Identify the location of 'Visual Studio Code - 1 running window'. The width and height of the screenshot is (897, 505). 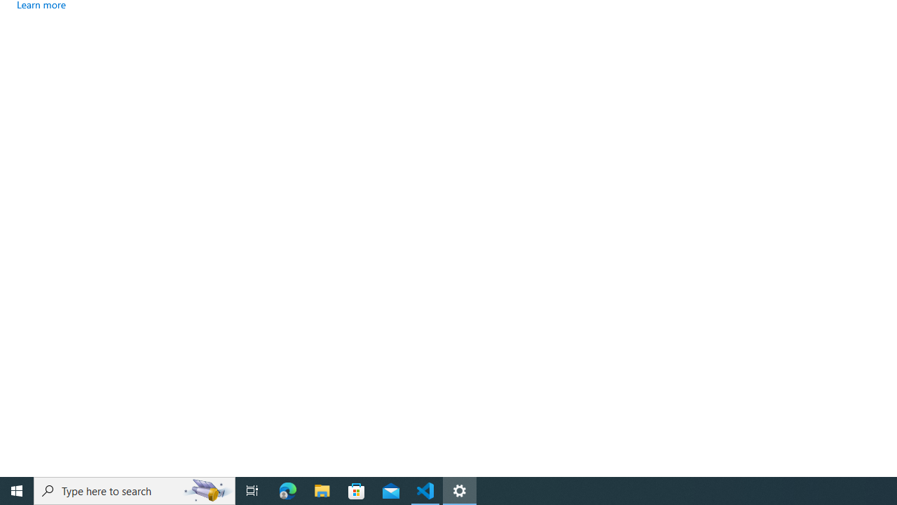
(425, 490).